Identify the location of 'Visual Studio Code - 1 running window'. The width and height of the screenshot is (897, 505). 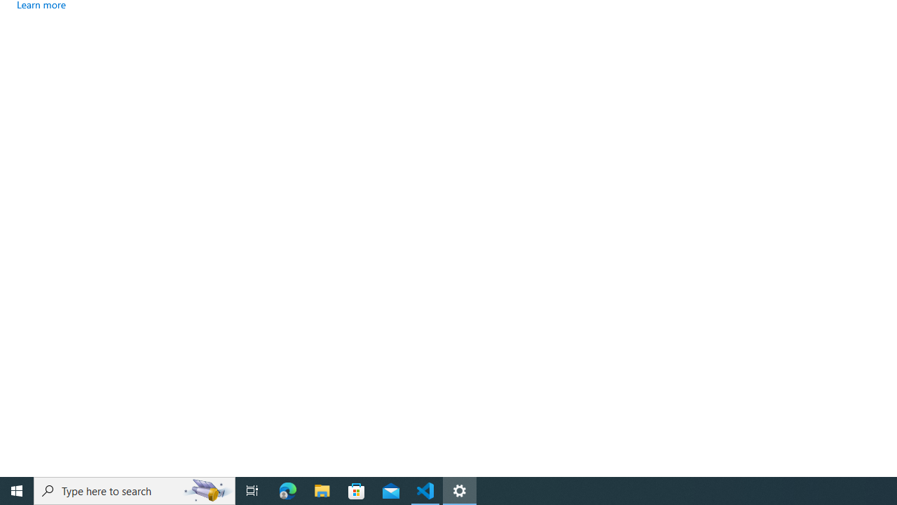
(425, 490).